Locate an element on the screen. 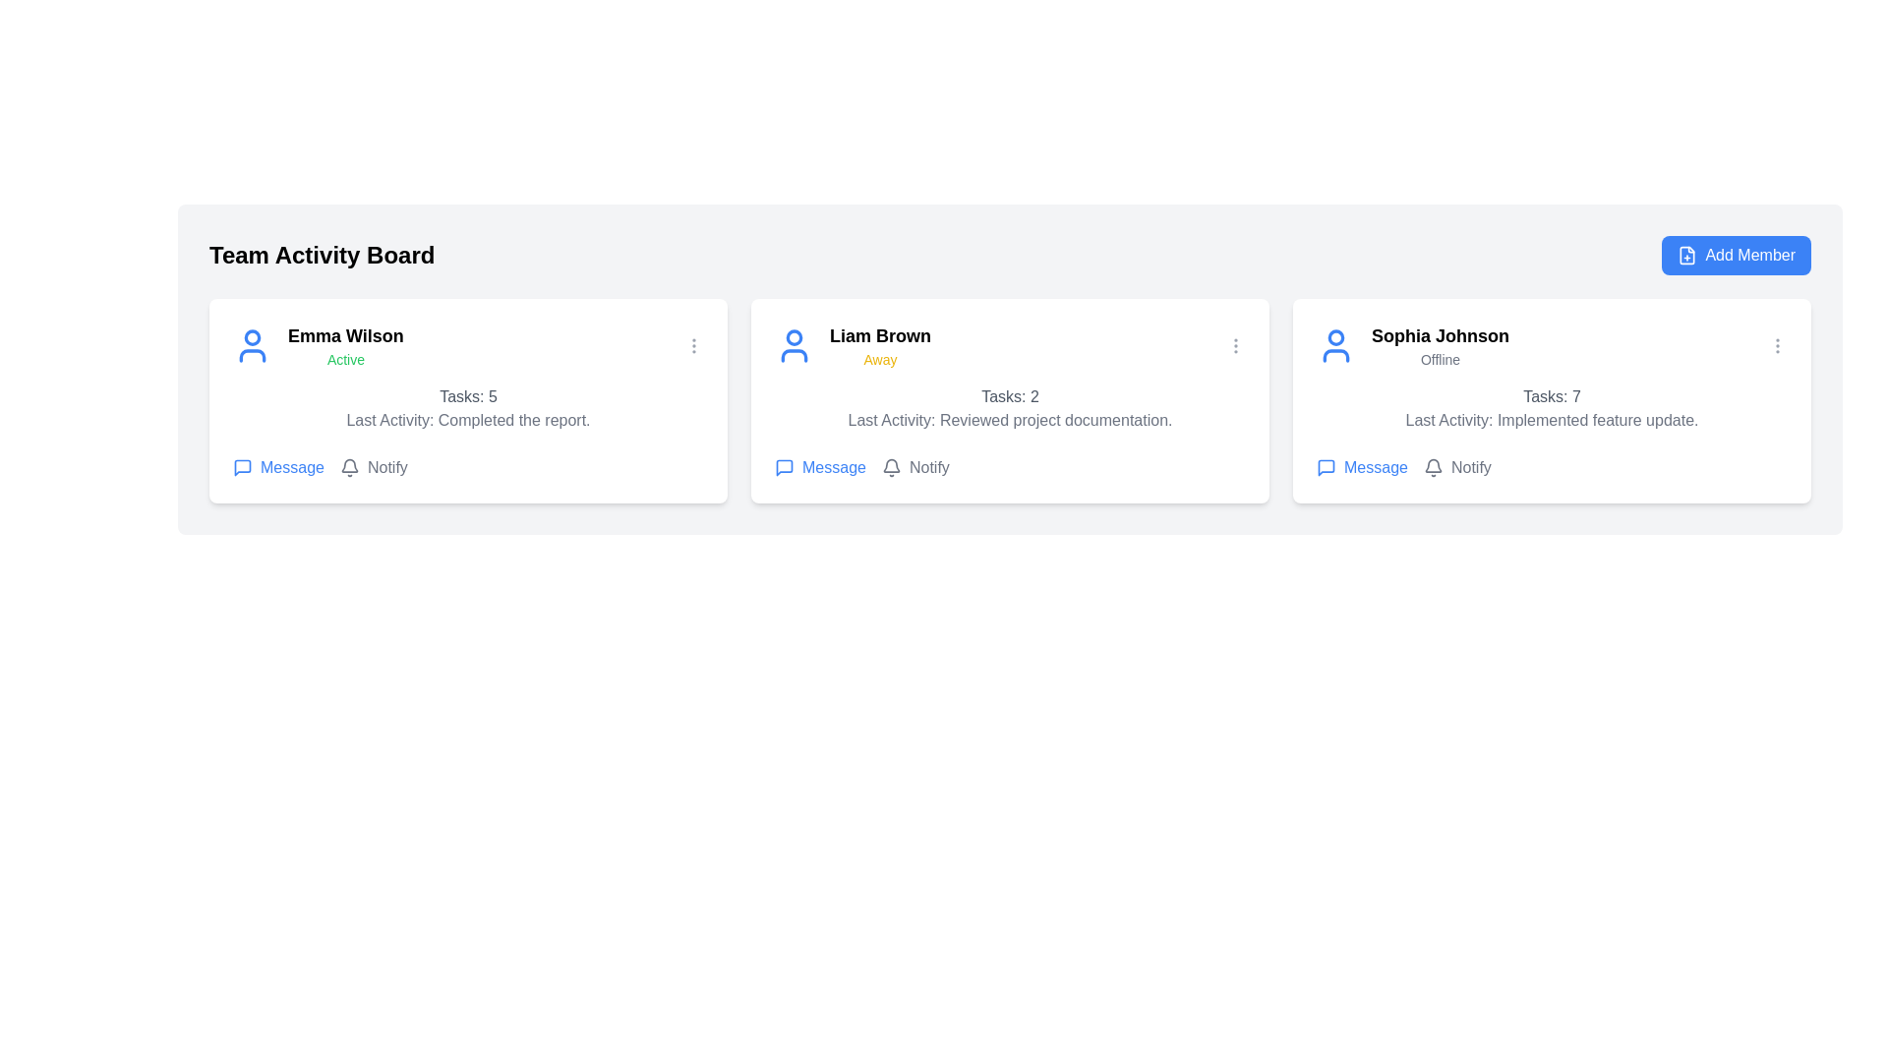 This screenshot has width=1888, height=1062. the blue user silhouette SVG icon located in the top-left corner of the profile card for 'Sophia Johnson' on the Team Activity Board is located at coordinates (1335, 344).